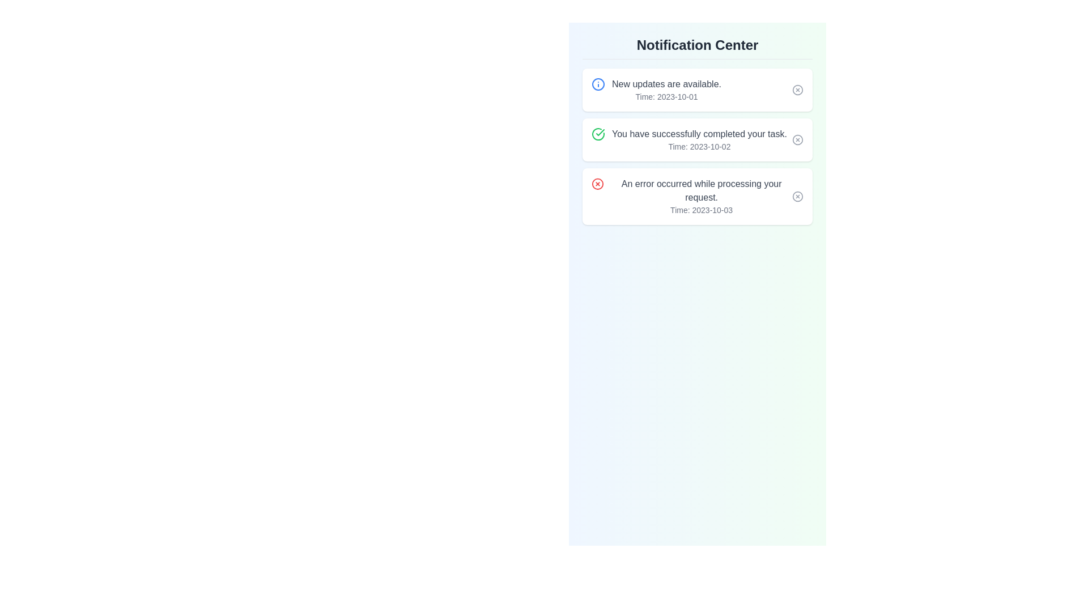 The image size is (1088, 612). I want to click on text content of the notification card that states 'New updates are available.' and 'Time: 2023-10-01', located at the top of the first notification card in the Notification Center, so click(666, 89).